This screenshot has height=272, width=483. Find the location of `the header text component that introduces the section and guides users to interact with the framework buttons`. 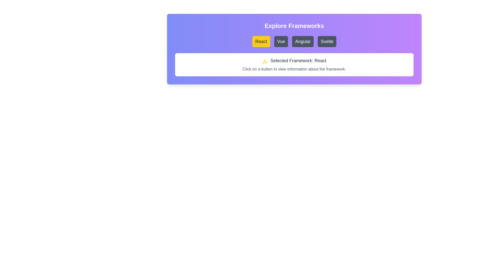

the header text component that introduces the section and guides users to interact with the framework buttons is located at coordinates (294, 26).